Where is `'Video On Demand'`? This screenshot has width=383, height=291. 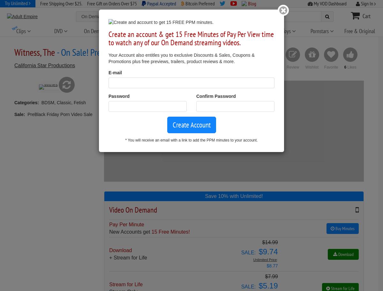 'Video On Demand' is located at coordinates (109, 209).